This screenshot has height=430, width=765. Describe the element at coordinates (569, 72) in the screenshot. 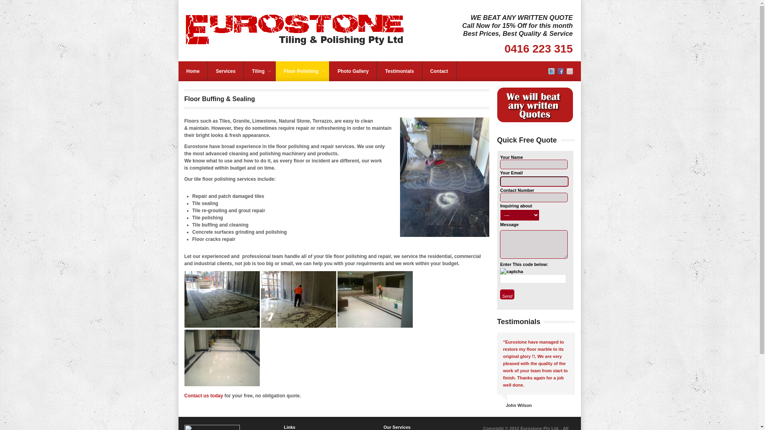

I see `'mail'` at that location.